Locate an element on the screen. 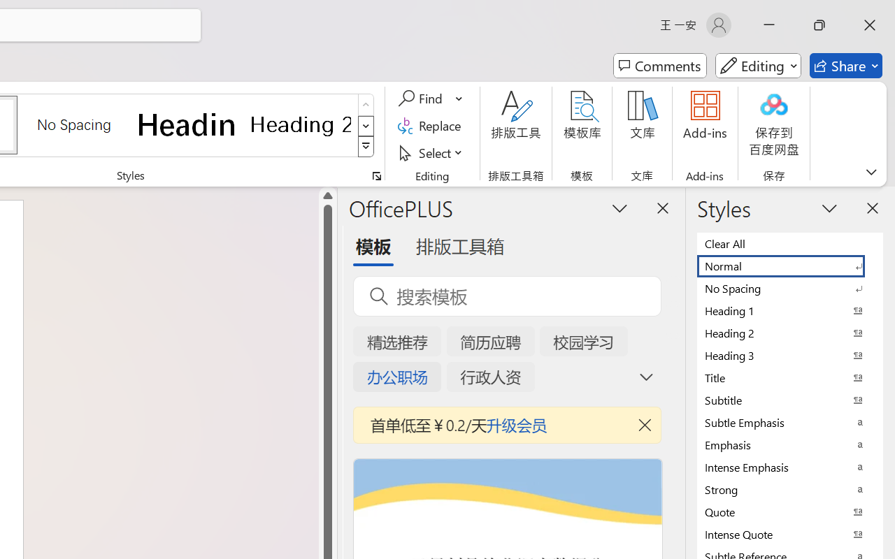 This screenshot has width=895, height=559. 'Intense Quote' is located at coordinates (790, 534).